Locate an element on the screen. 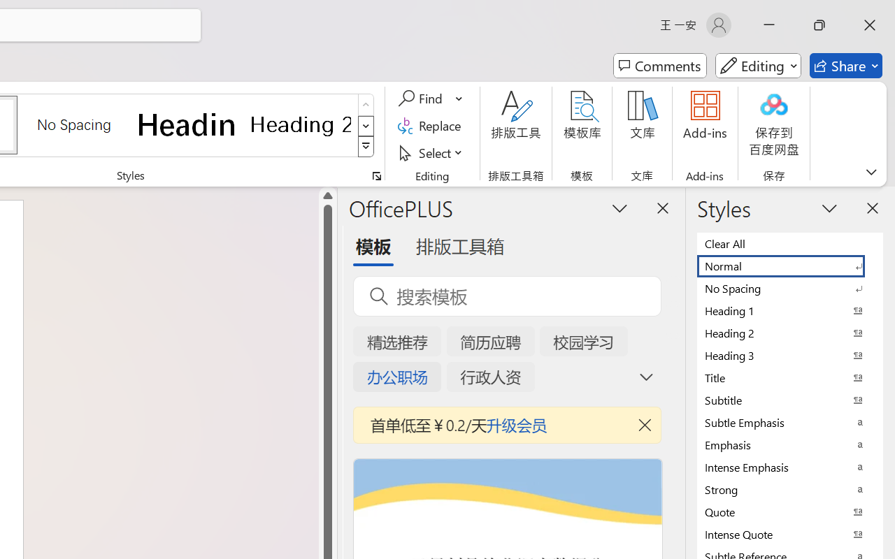 This screenshot has width=895, height=559. 'Intense Quote' is located at coordinates (790, 534).